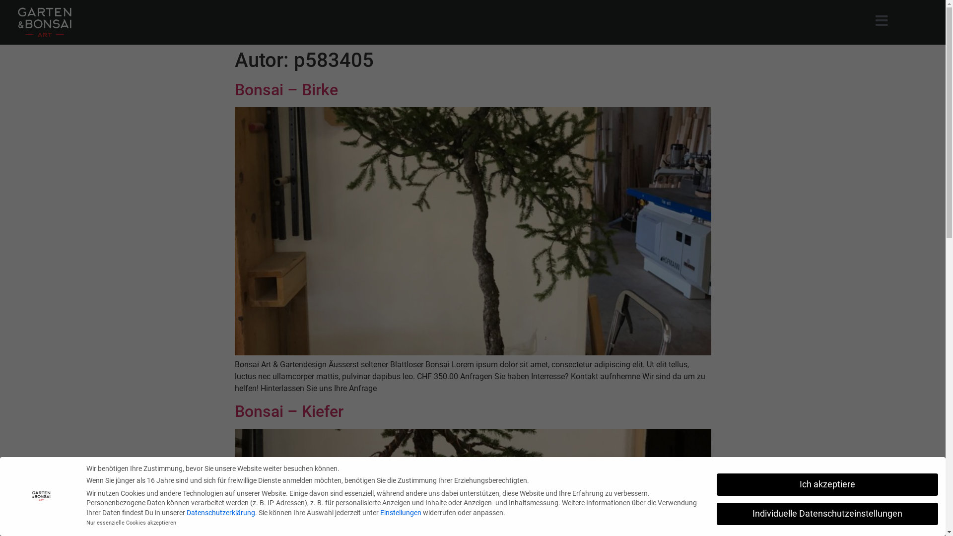 This screenshot has width=953, height=536. Describe the element at coordinates (827, 514) in the screenshot. I see `'Individuelle Datenschutzeinstellungen'` at that location.